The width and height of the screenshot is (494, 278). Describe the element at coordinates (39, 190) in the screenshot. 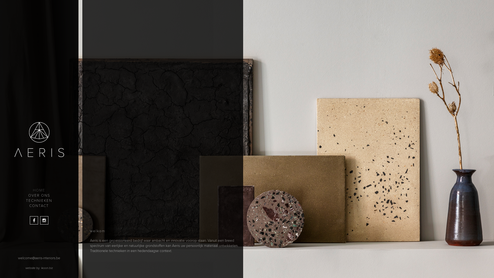

I see `'HOME'` at that location.